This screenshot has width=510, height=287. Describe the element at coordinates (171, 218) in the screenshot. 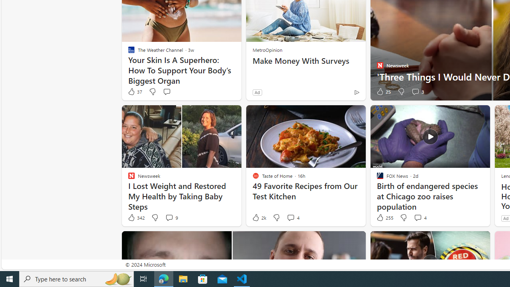

I see `'View comments 9 Comment'` at that location.